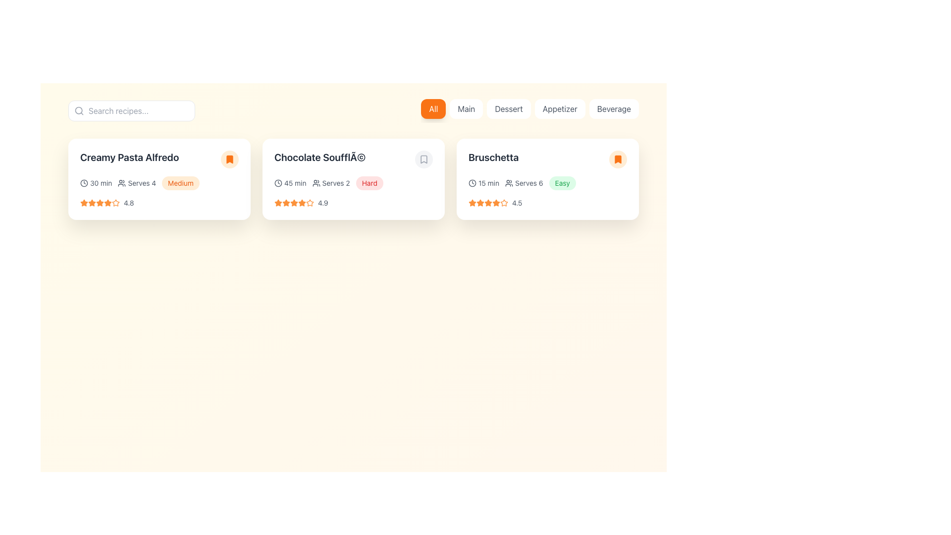 The image size is (951, 535). What do you see at coordinates (285, 202) in the screenshot?
I see `the second star icon in the rating system for the 'Chocolate Soufflé'` at bounding box center [285, 202].